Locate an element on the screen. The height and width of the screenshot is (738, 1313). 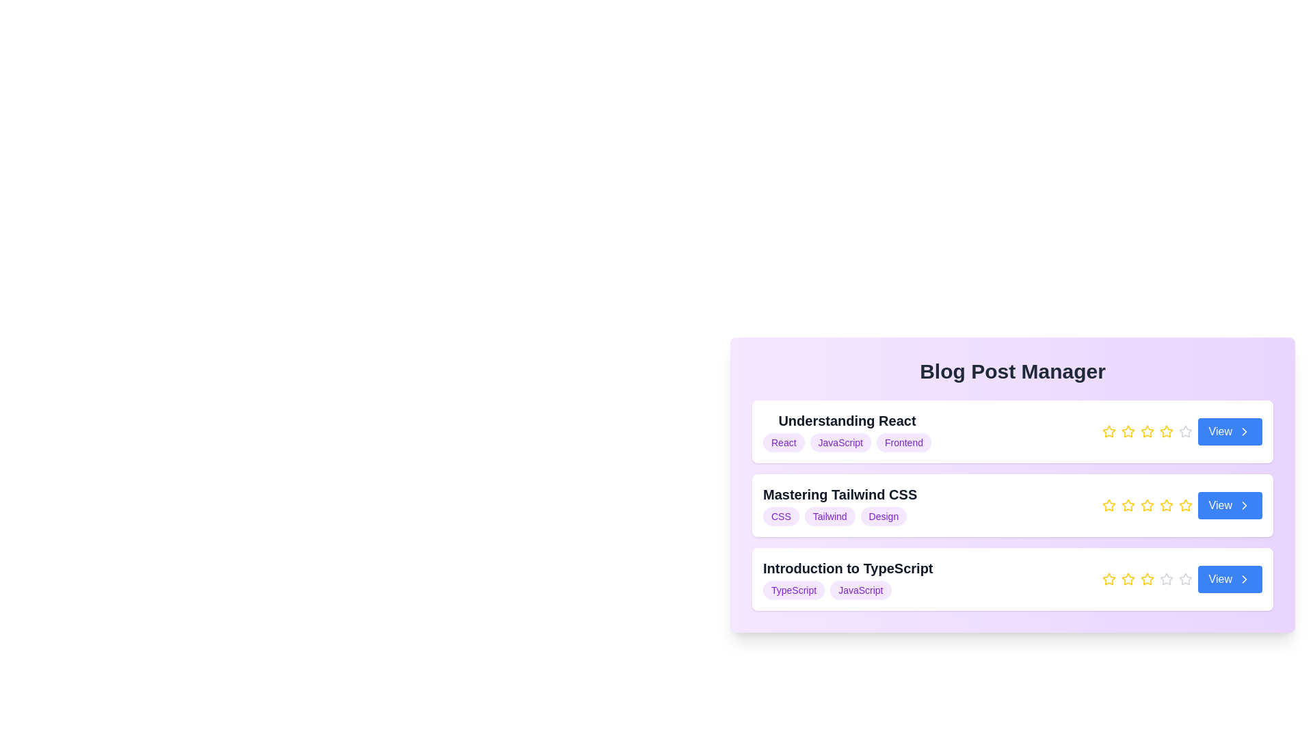
the pill-shaped badge with a light purple background and purple text reading 'Tailwind' located under the 'Mastering Tailwind CSS' section is located at coordinates (829, 517).